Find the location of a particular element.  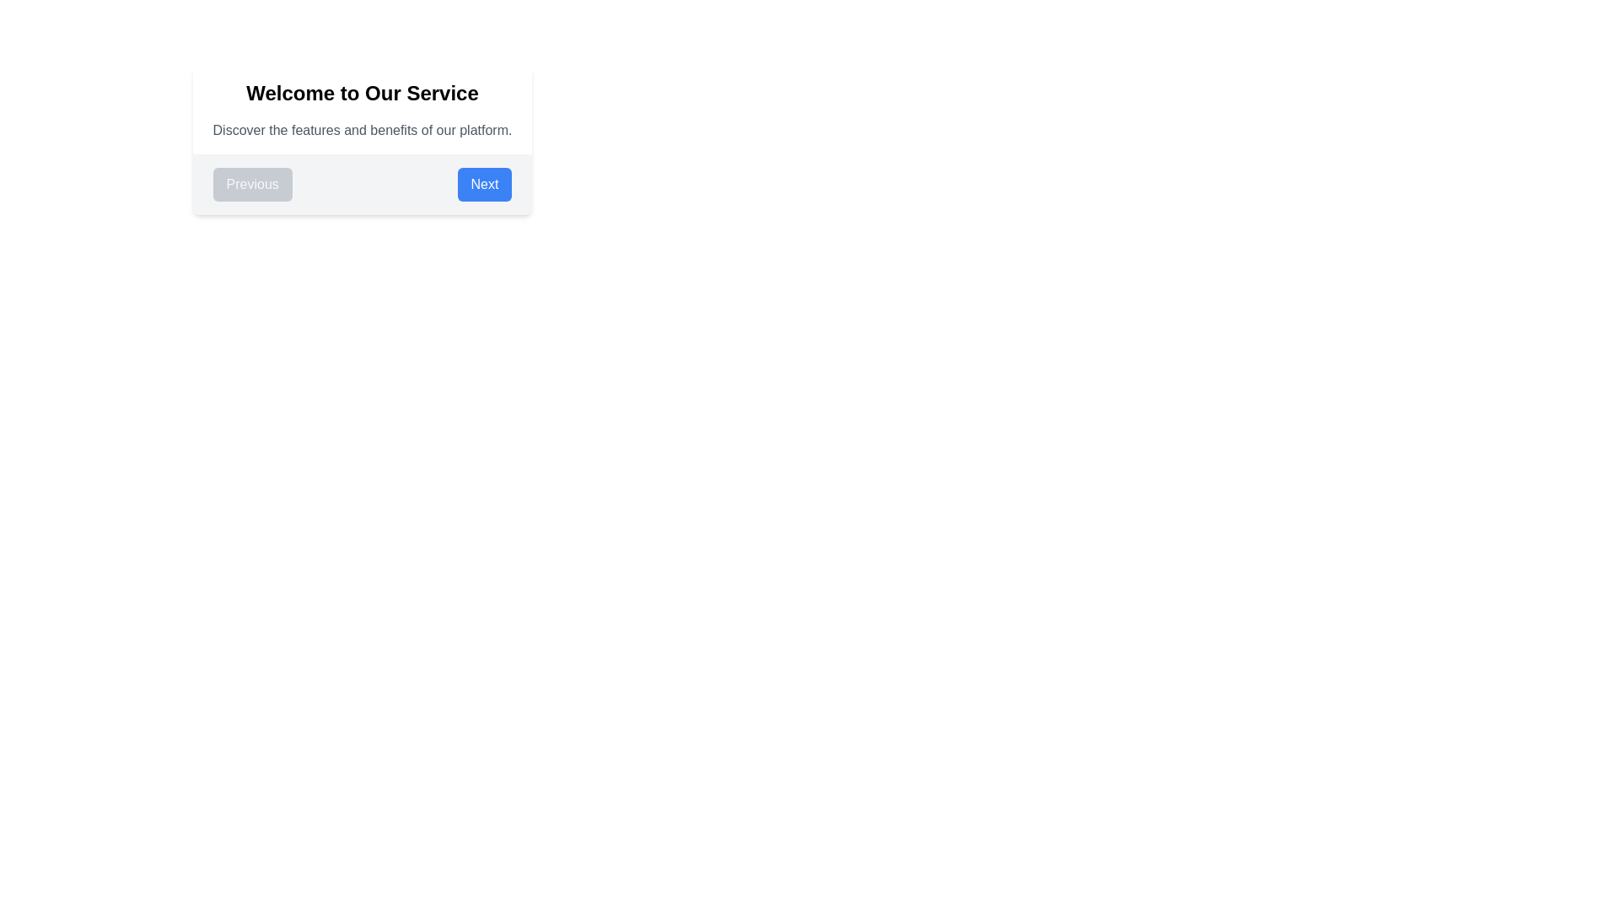

the Text Label that provides a descriptive subtitle or introductory message about the application's features, located immediately below the heading 'Welcome to Our Service' is located at coordinates (362, 129).